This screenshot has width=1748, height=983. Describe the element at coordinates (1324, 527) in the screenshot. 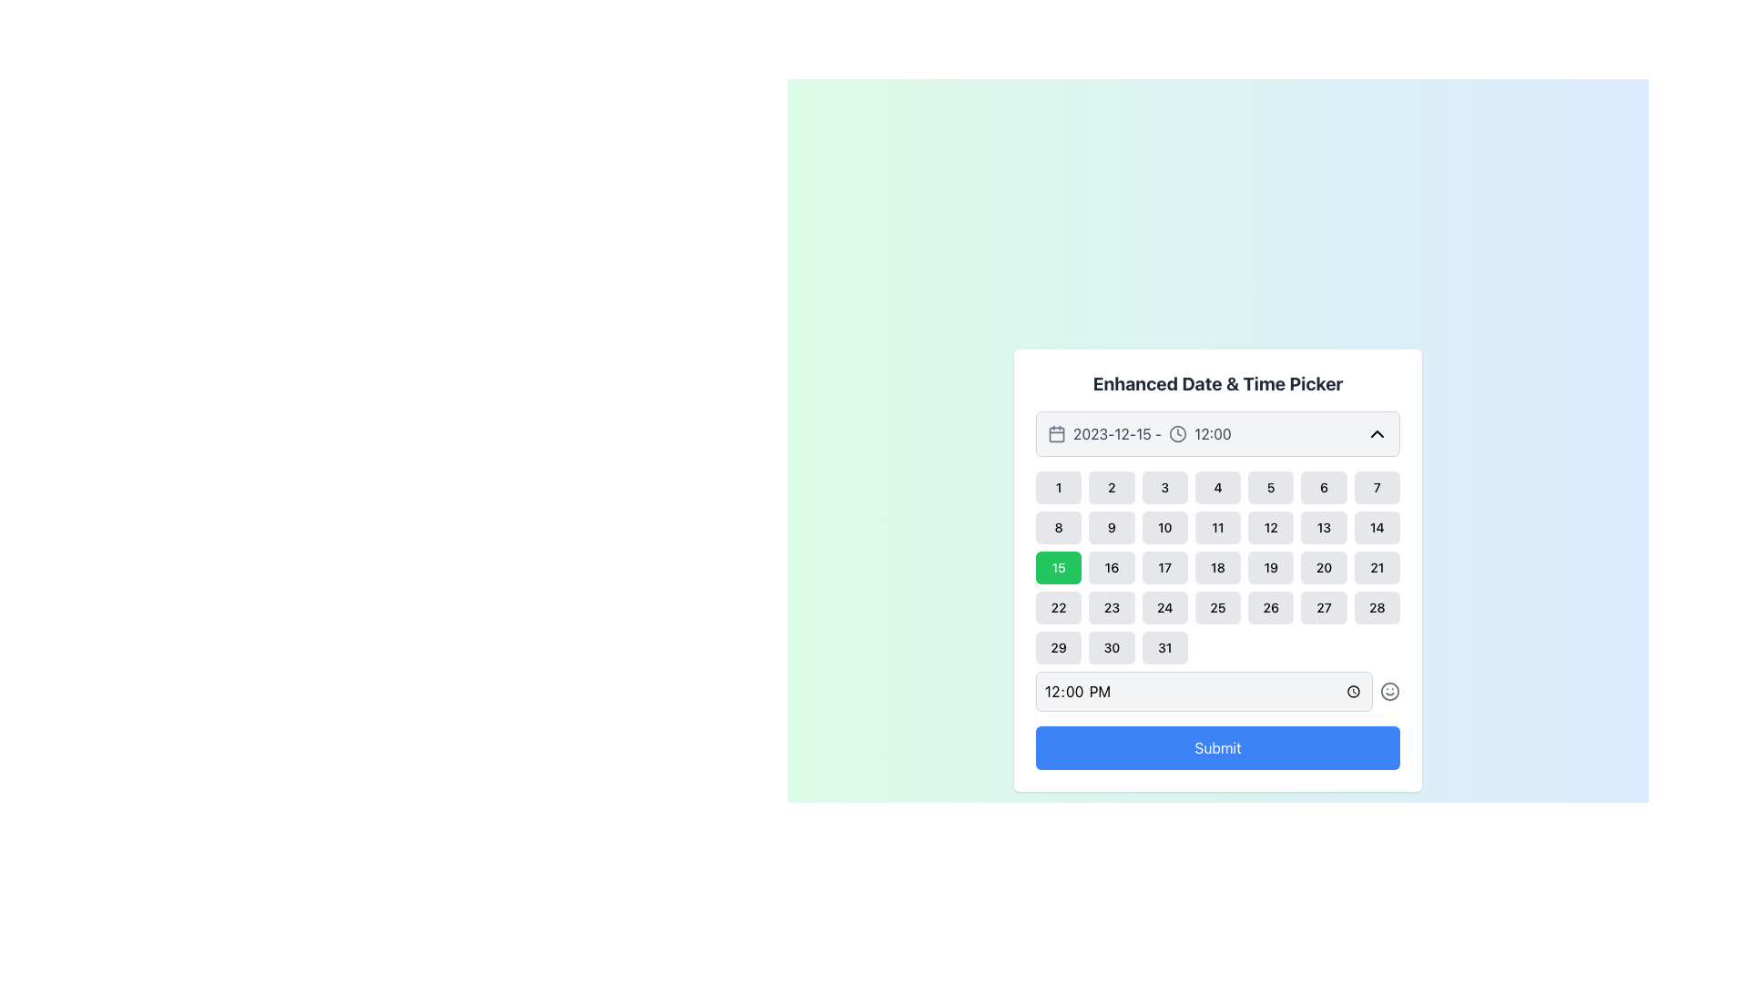

I see `the button representing the date '13' in the date picker interface` at that location.